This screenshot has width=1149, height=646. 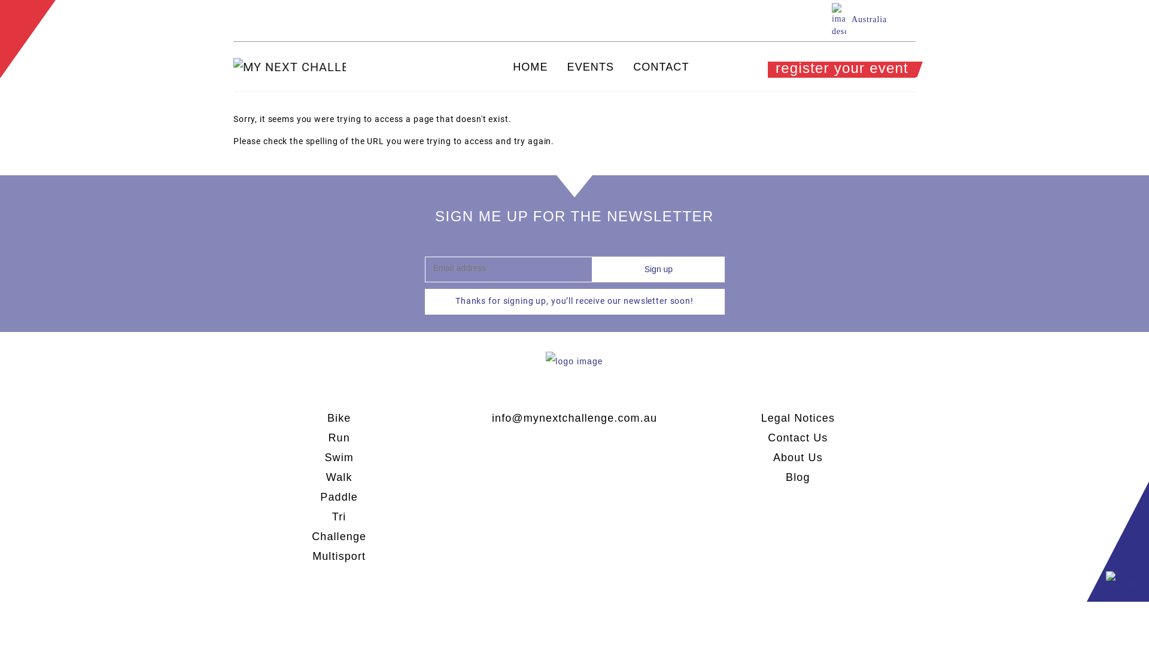 What do you see at coordinates (338, 457) in the screenshot?
I see `'Swim'` at bounding box center [338, 457].